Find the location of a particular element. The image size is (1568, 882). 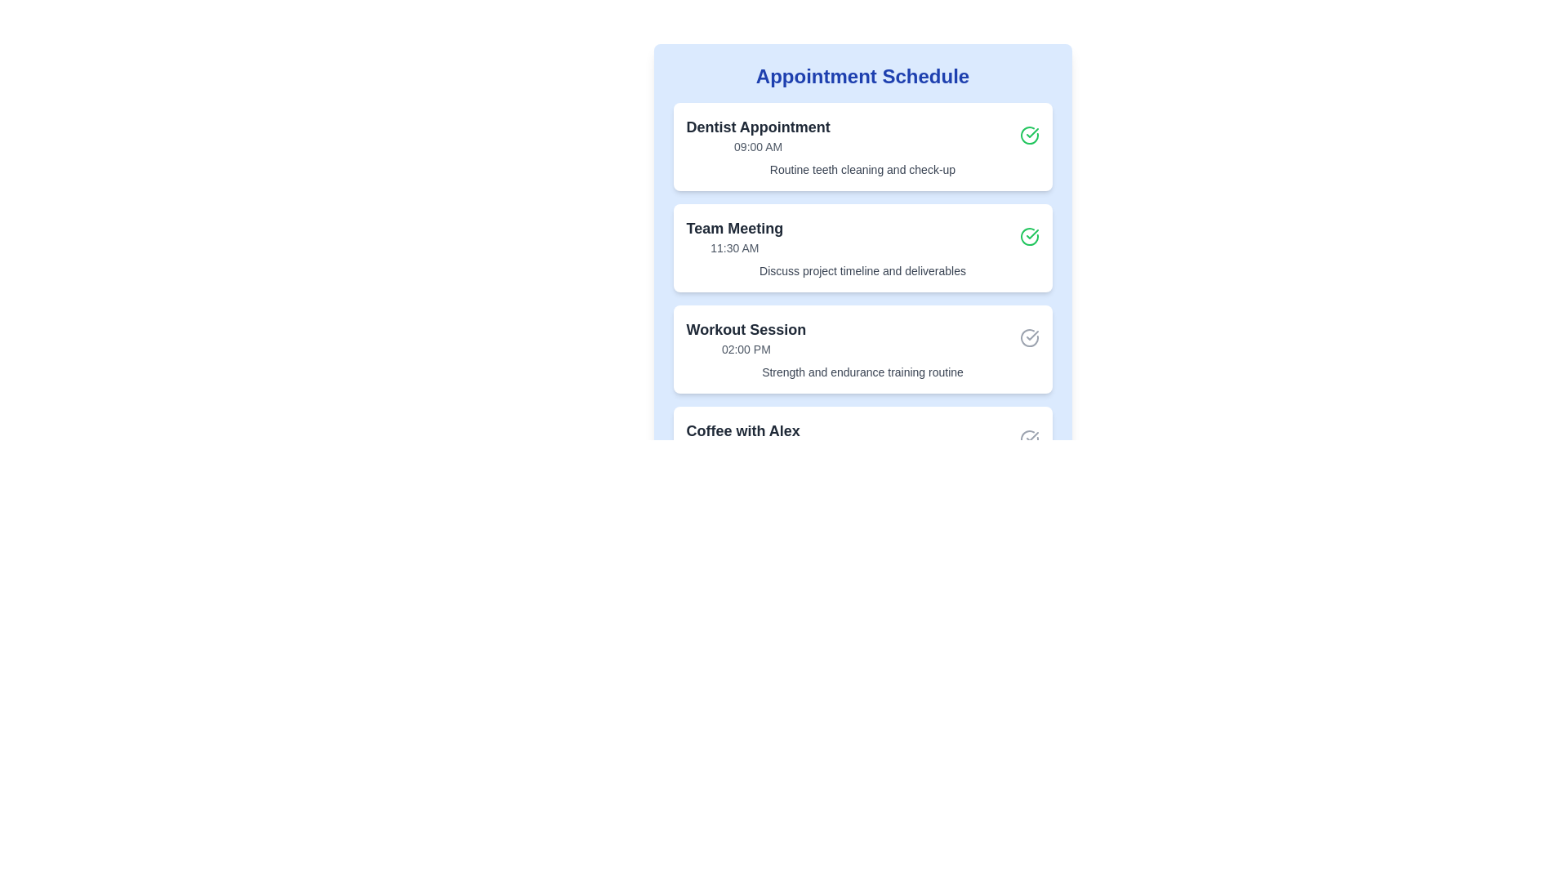

the first card component titled 'Dentist Appointment' in the 'Appointment Schedule' to see more details is located at coordinates (862, 147).